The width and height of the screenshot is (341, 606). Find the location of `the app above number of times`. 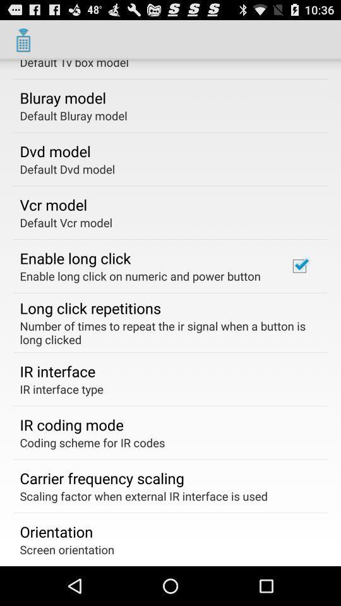

the app above number of times is located at coordinates (299, 266).